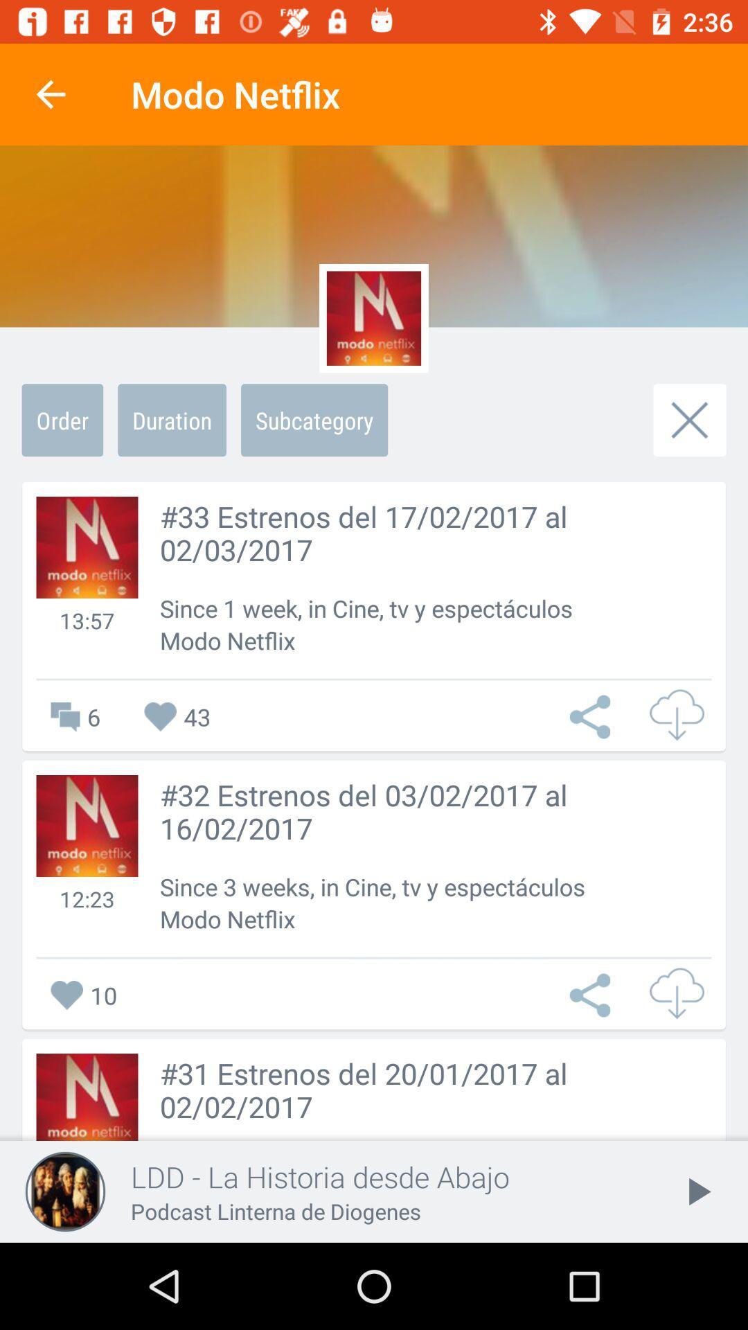 The image size is (748, 1330). I want to click on the play icon, so click(697, 1191).